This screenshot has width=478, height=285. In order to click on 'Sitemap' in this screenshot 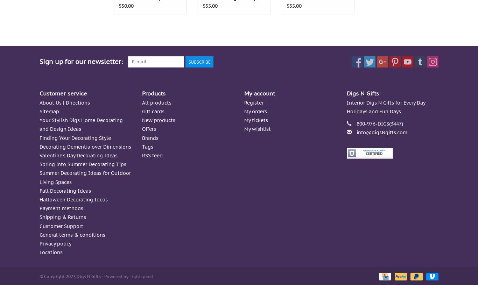, I will do `click(49, 111)`.